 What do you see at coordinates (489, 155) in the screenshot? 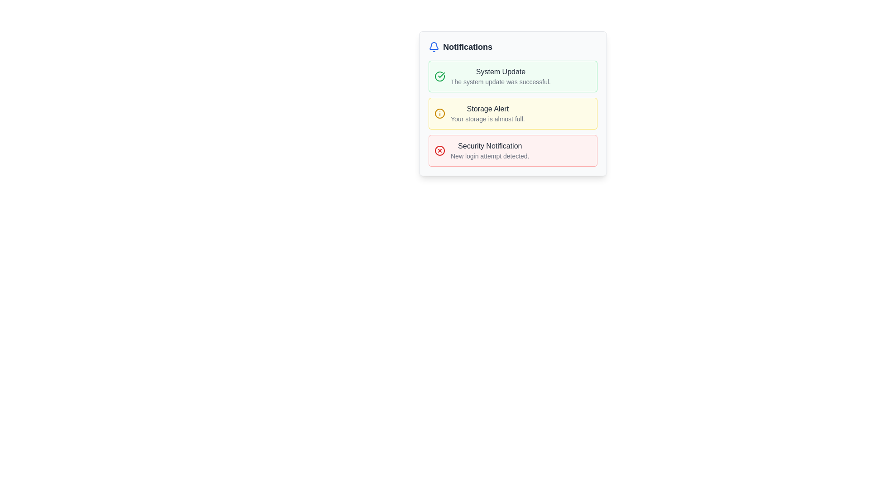
I see `informational text label that describes the notification 'Security Notification', which is centrally aligned below the heading in the red-bordered notification box` at bounding box center [489, 155].